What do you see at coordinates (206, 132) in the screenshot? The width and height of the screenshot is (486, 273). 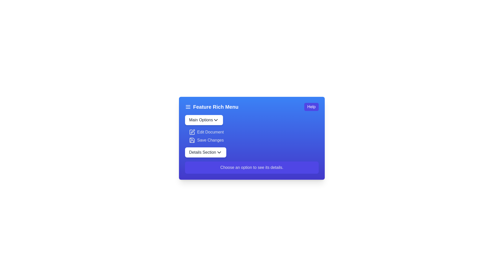 I see `the 'Edit Document' button located in the second row of the 'Feature Rich Menu' card under the 'Main Options' button, which features a pen-shaped icon to the left` at bounding box center [206, 132].